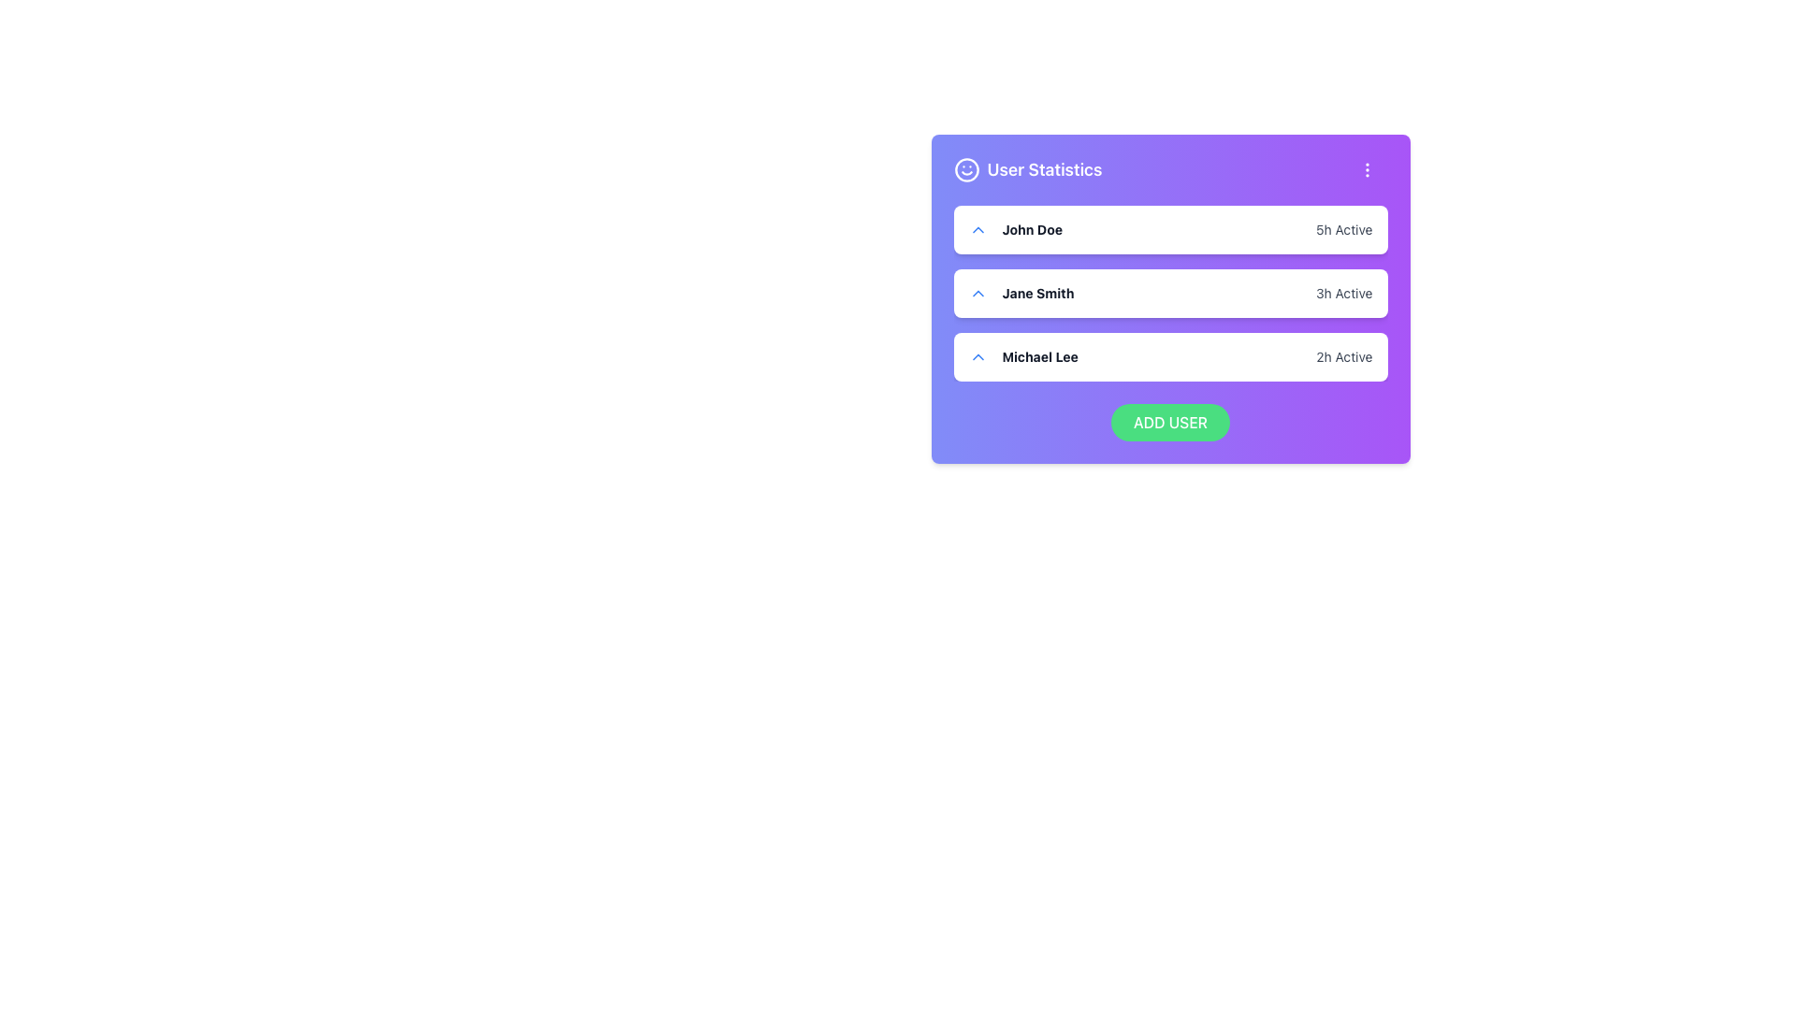  What do you see at coordinates (977, 356) in the screenshot?
I see `the arrow-shaped icon button located in the third row of the list, adjacent to the text 'Michael Lee'` at bounding box center [977, 356].